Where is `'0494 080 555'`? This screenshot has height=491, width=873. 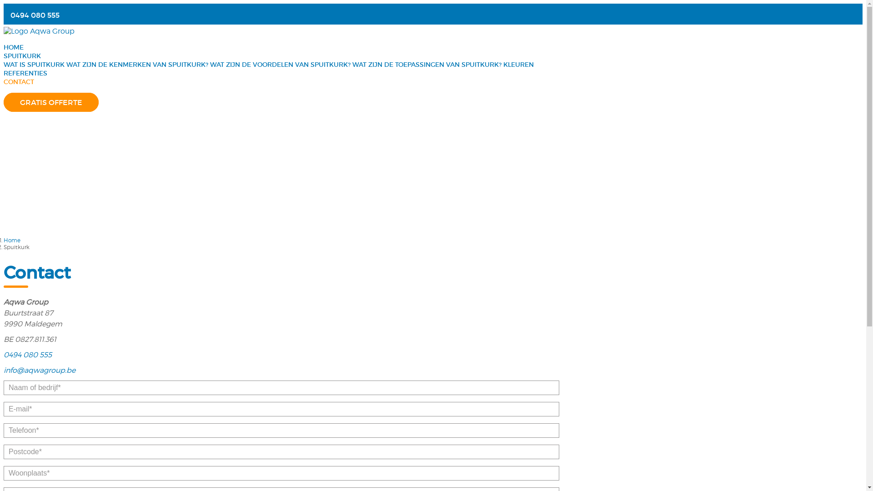
'0494 080 555' is located at coordinates (35, 15).